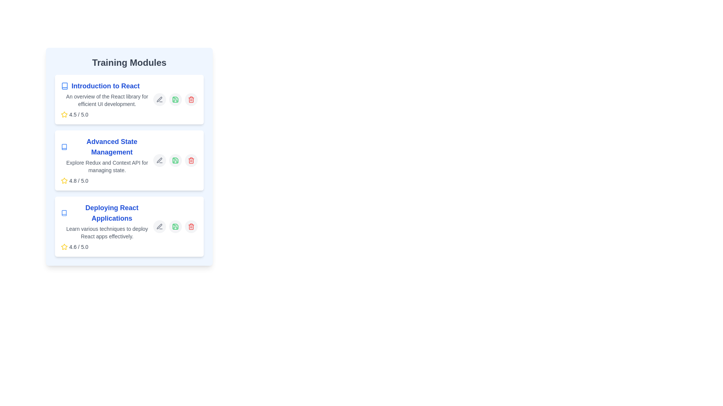 Image resolution: width=723 pixels, height=406 pixels. Describe the element at coordinates (64, 147) in the screenshot. I see `the icon located in the second training module card, just to the left of the title 'Advanced State Management', which serves as a visual marker for distinction` at that location.